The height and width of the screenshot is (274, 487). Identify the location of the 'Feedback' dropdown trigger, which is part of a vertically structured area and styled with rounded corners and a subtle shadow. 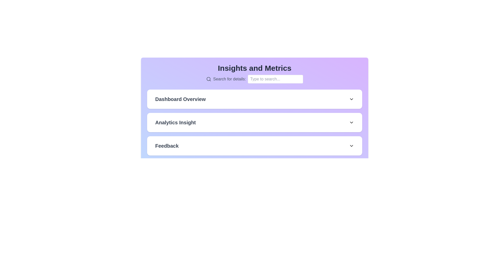
(254, 146).